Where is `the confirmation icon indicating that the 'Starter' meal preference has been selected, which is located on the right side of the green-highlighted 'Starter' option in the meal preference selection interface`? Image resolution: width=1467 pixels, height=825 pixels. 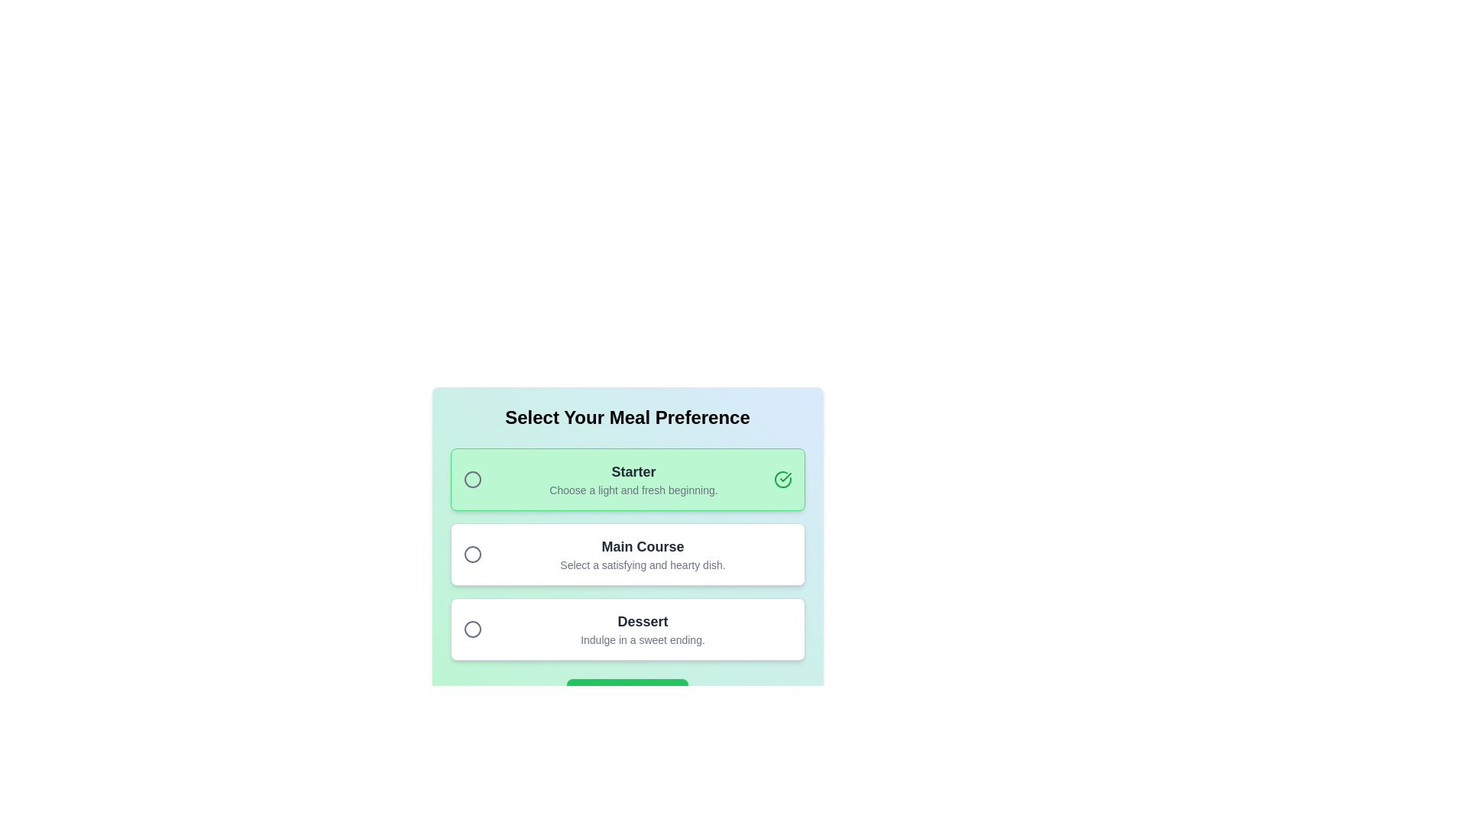
the confirmation icon indicating that the 'Starter' meal preference has been selected, which is located on the right side of the green-highlighted 'Starter' option in the meal preference selection interface is located at coordinates (785, 476).